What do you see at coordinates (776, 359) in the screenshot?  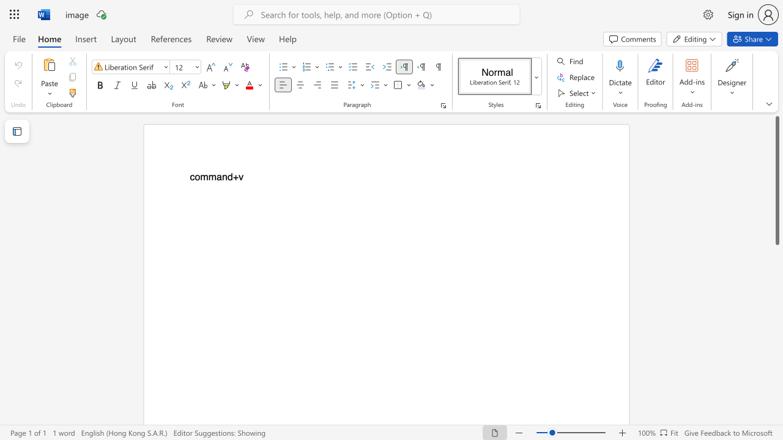 I see `the scrollbar to scroll the page down` at bounding box center [776, 359].